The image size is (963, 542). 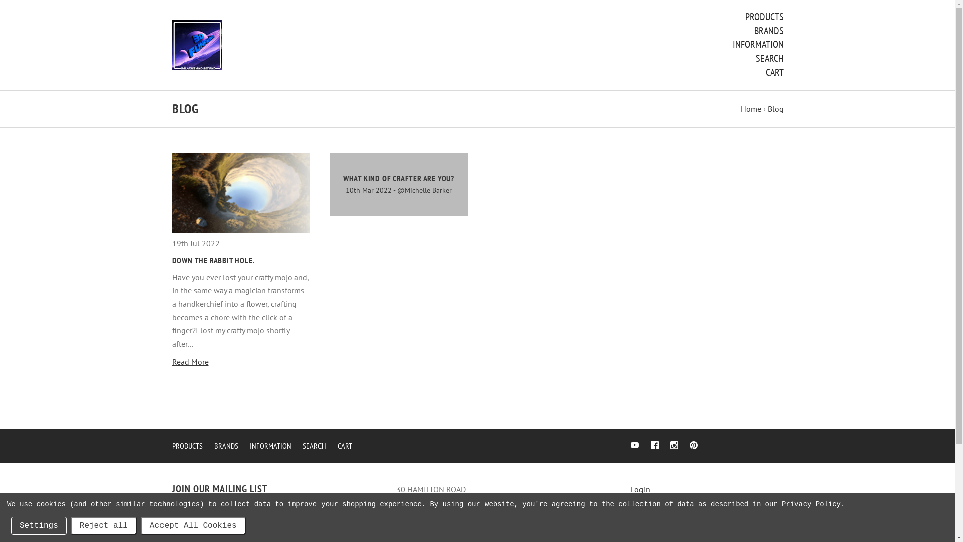 I want to click on 'Settings', so click(x=39, y=525).